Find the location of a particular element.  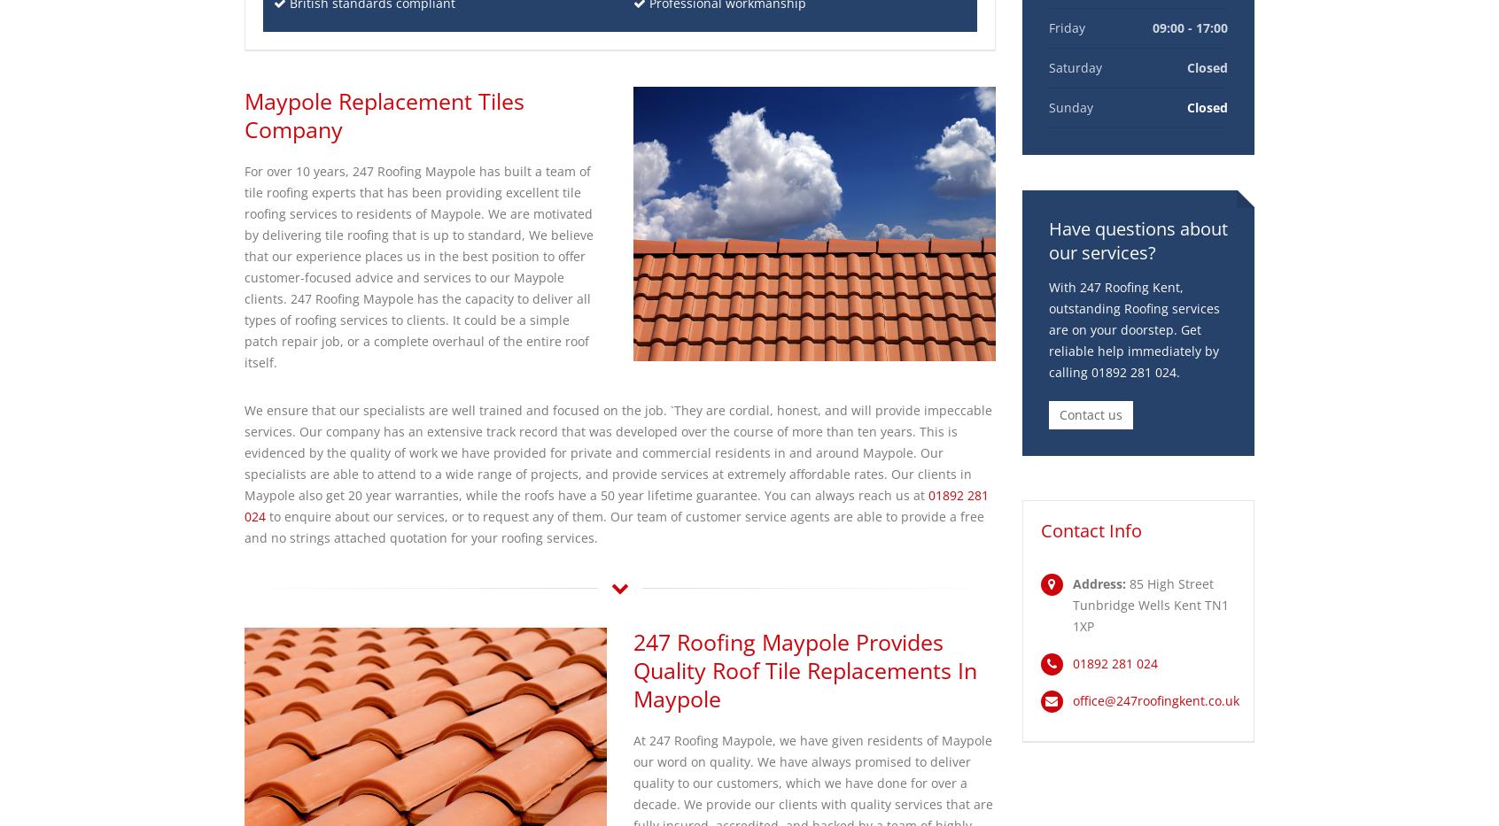

'Contact Info' is located at coordinates (1039, 530).